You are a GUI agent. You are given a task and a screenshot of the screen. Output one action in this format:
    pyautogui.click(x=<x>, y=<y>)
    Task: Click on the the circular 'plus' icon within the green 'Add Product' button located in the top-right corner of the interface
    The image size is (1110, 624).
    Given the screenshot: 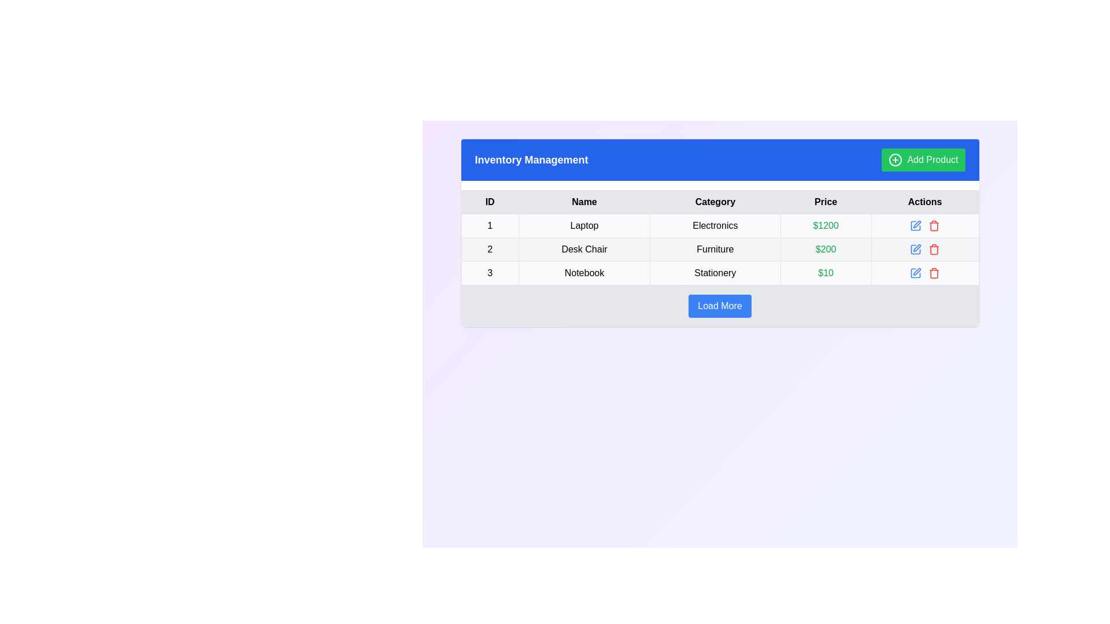 What is the action you would take?
    pyautogui.click(x=895, y=160)
    